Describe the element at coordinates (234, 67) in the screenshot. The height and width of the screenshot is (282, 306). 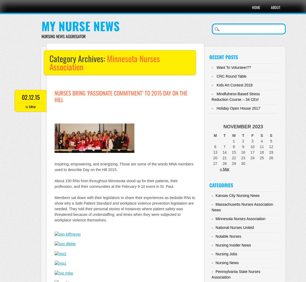
I see `'Want To Volunteer??'` at that location.